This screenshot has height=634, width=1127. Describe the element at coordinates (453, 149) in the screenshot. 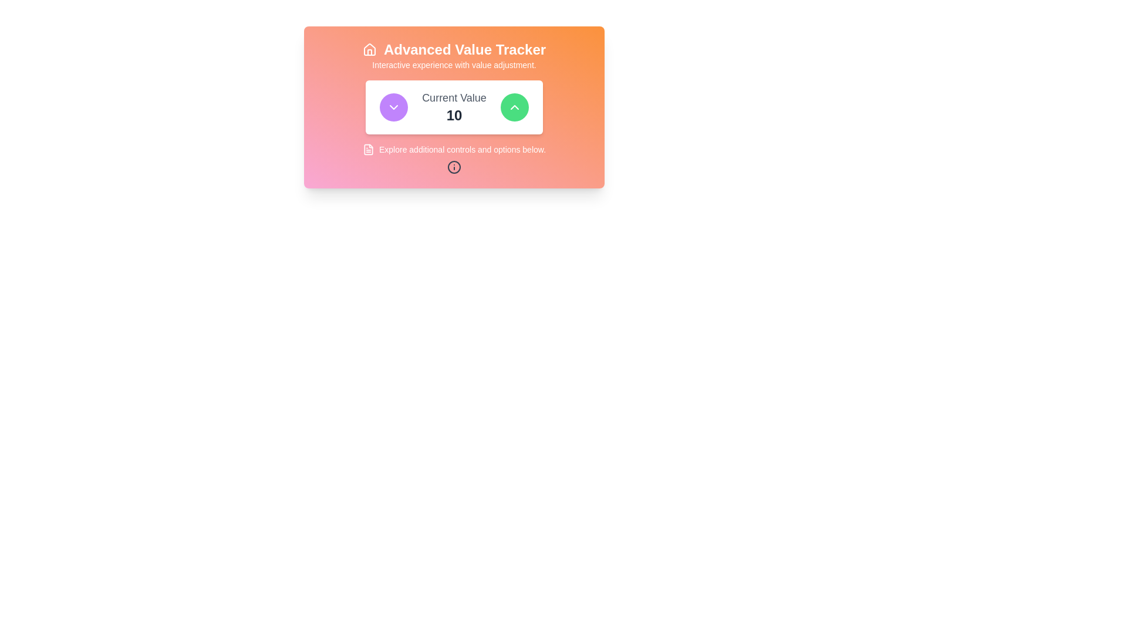

I see `text displayed in the Informative Label with Icon, which shows 'Explore additional controls and options below'` at that location.